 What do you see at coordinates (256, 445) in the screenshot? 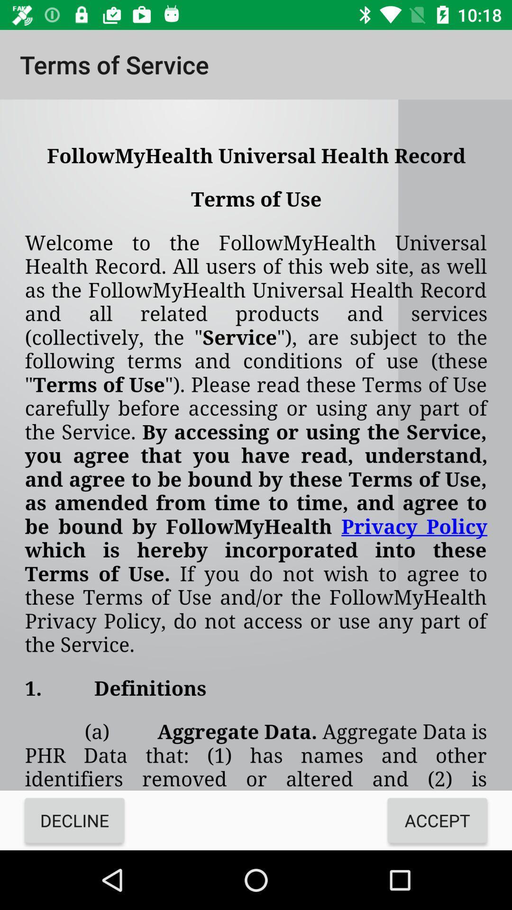
I see `scrollable page` at bounding box center [256, 445].